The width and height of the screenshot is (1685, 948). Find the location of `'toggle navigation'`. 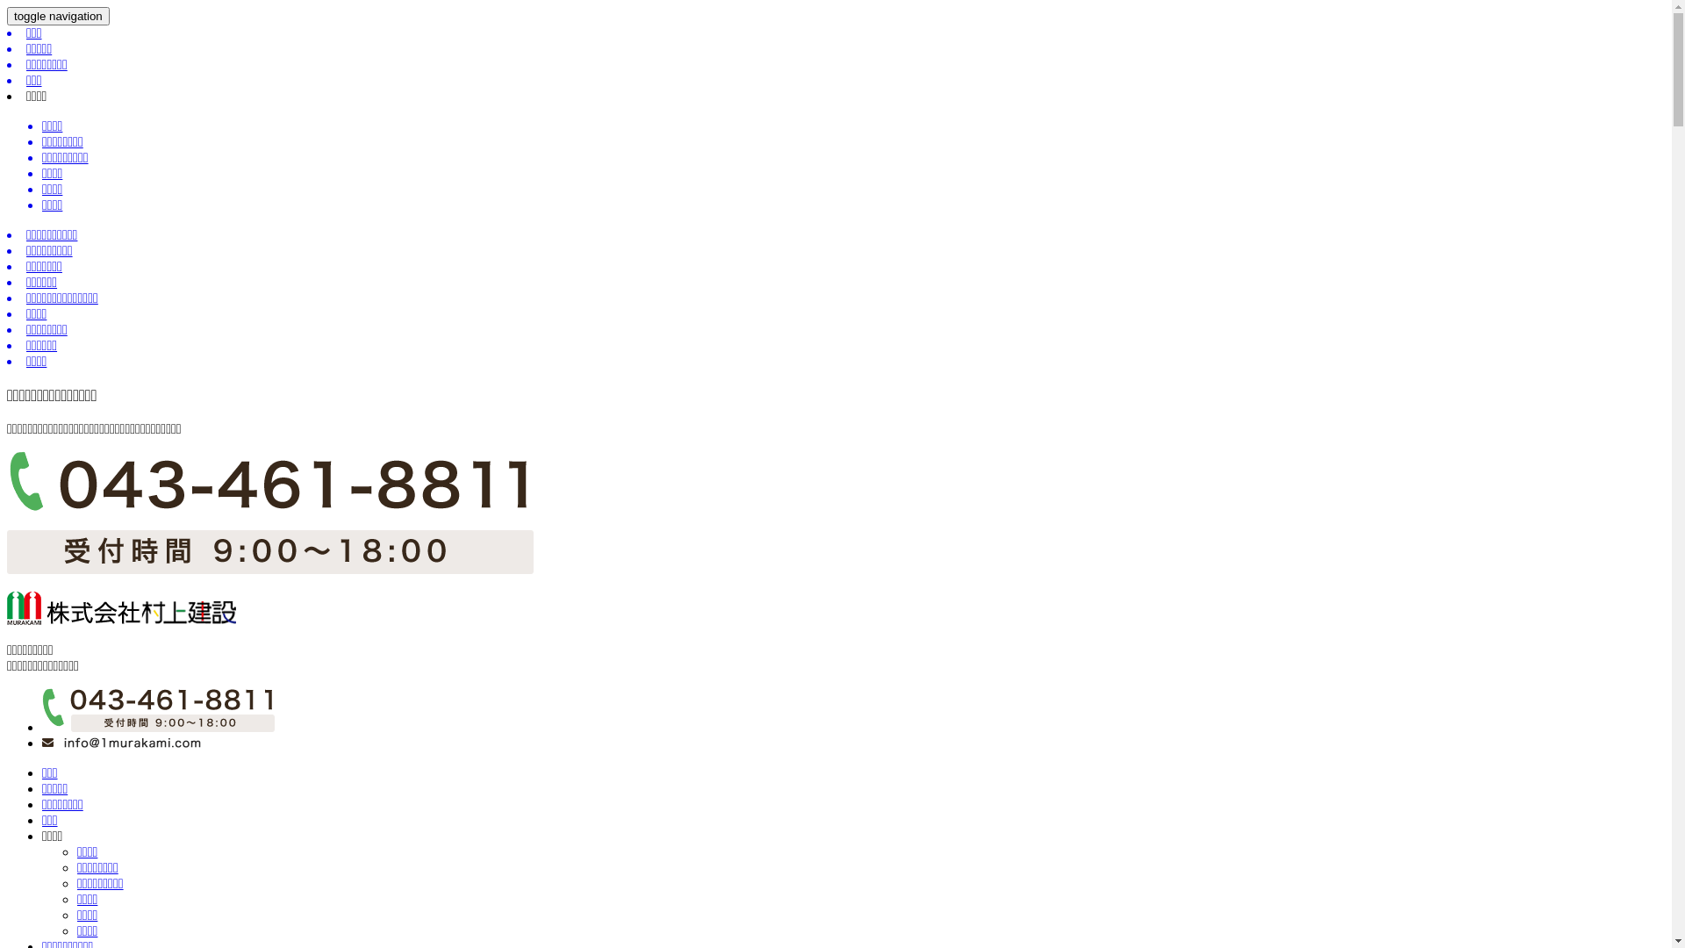

'toggle navigation' is located at coordinates (58, 16).